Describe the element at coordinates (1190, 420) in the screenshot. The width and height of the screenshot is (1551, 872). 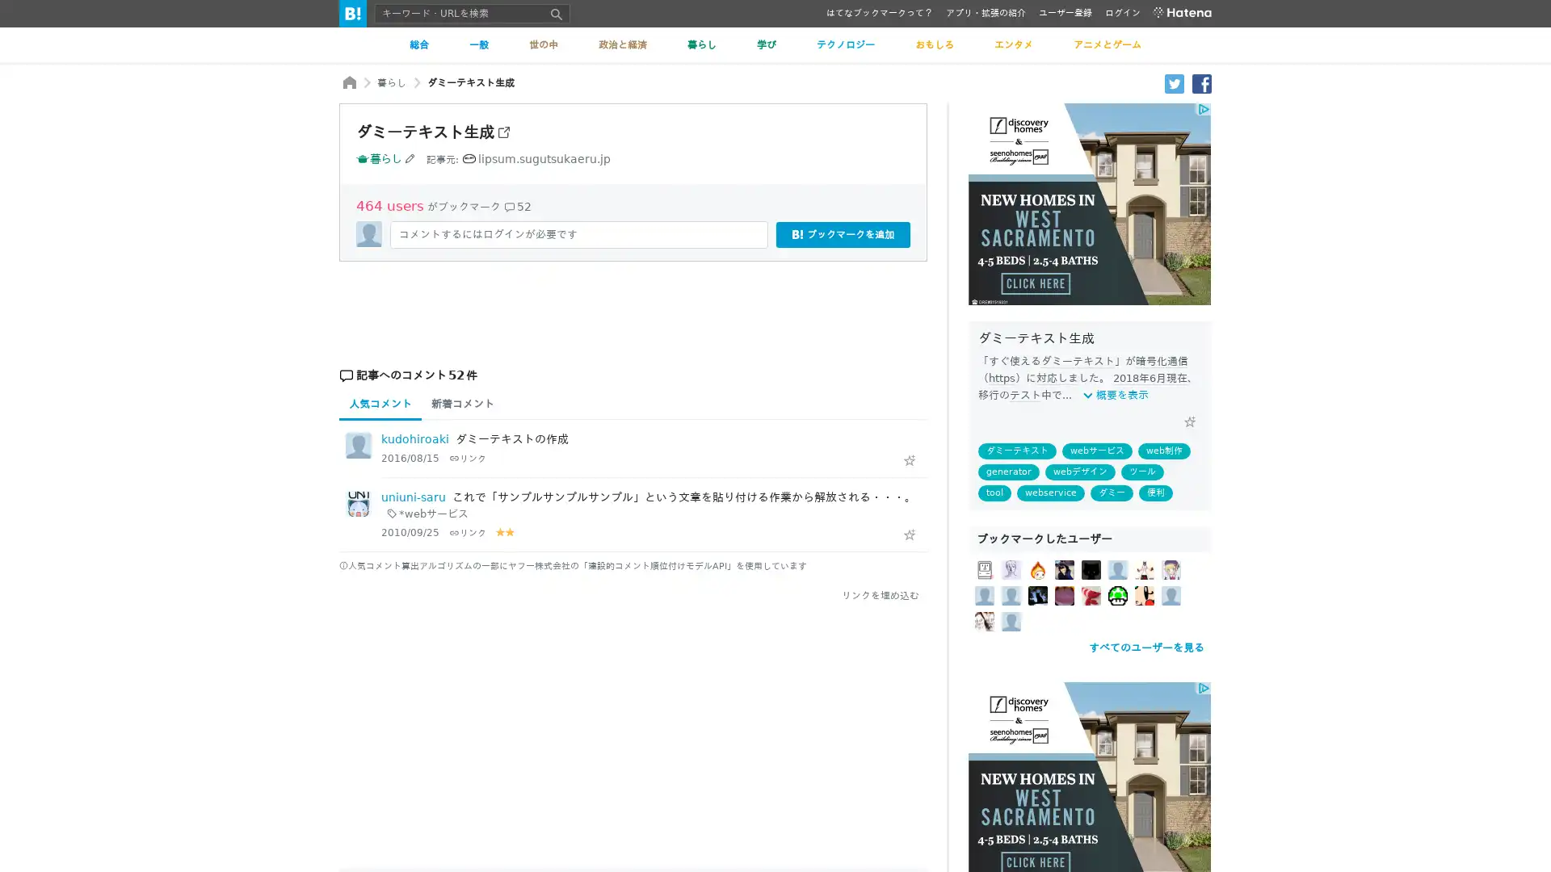
I see `Add Star` at that location.